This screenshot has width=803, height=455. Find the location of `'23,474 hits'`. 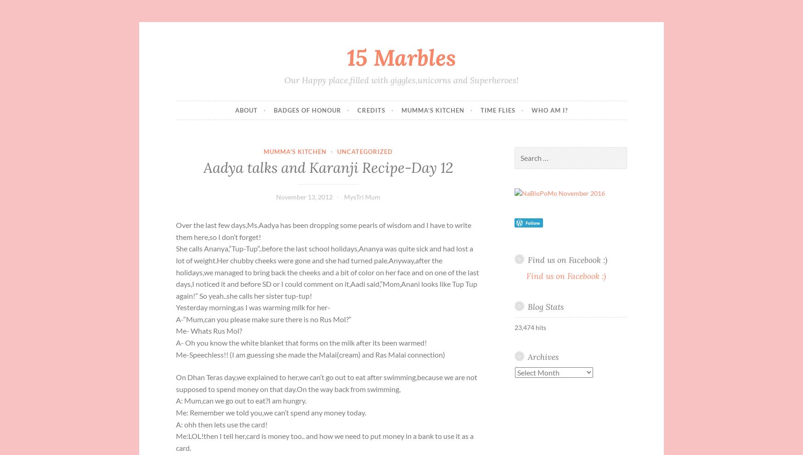

'23,474 hits' is located at coordinates (514, 326).